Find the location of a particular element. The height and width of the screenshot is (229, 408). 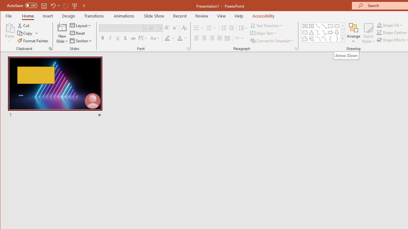

'Character Spacing' is located at coordinates (143, 38).